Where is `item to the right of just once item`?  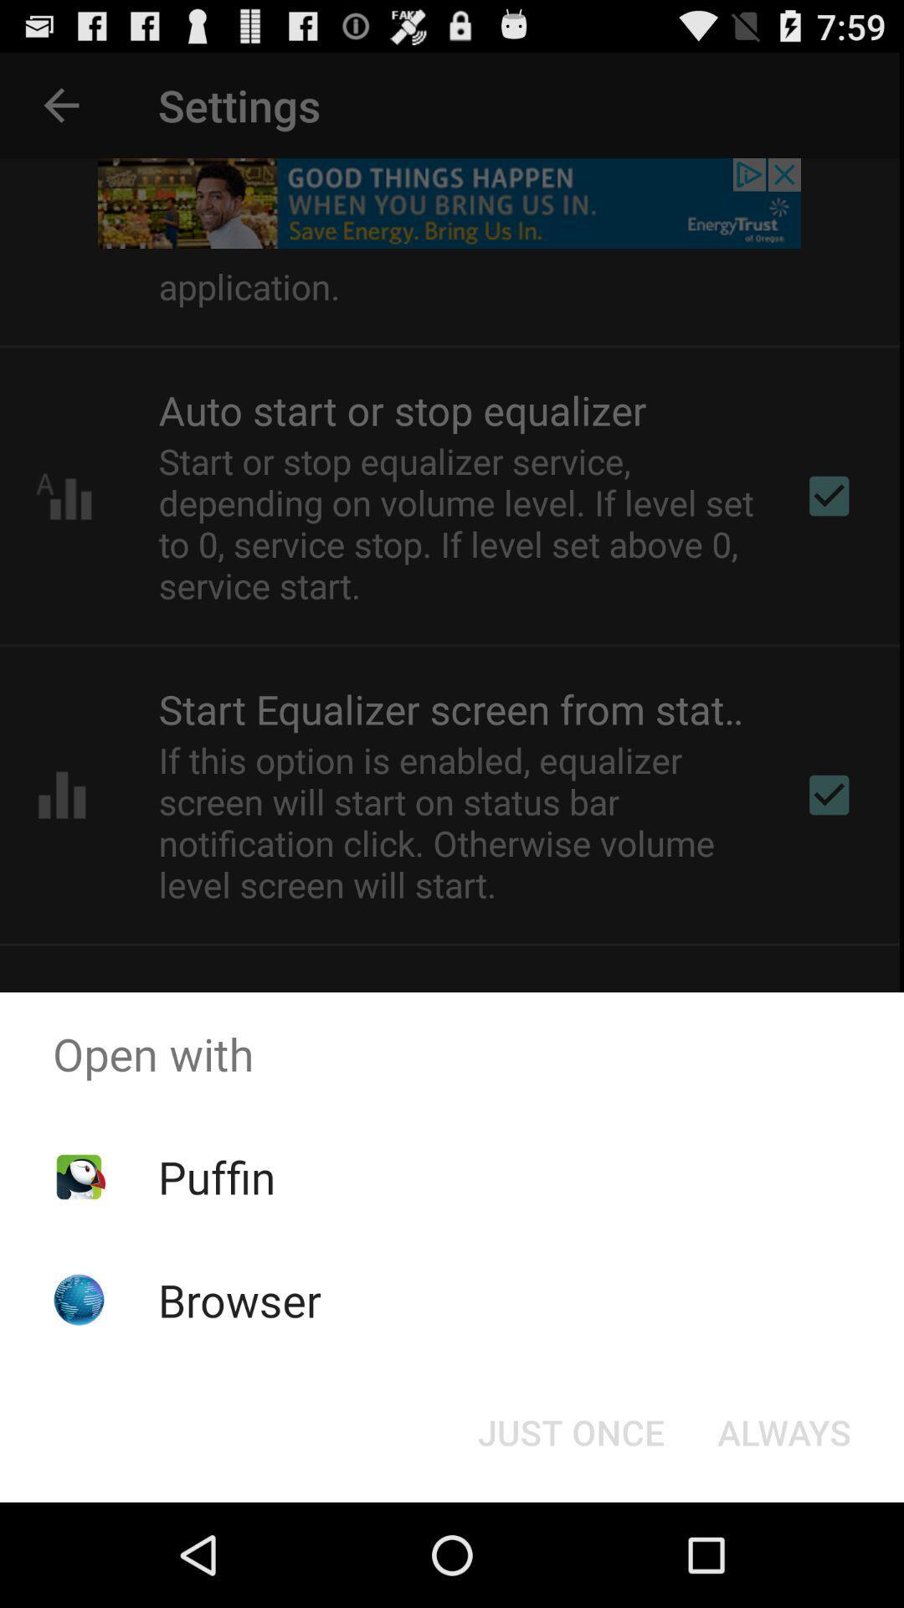
item to the right of just once item is located at coordinates (784, 1430).